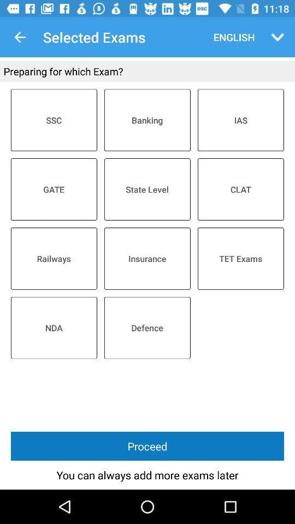  What do you see at coordinates (231, 37) in the screenshot?
I see `the text which is left to the drop down` at bounding box center [231, 37].